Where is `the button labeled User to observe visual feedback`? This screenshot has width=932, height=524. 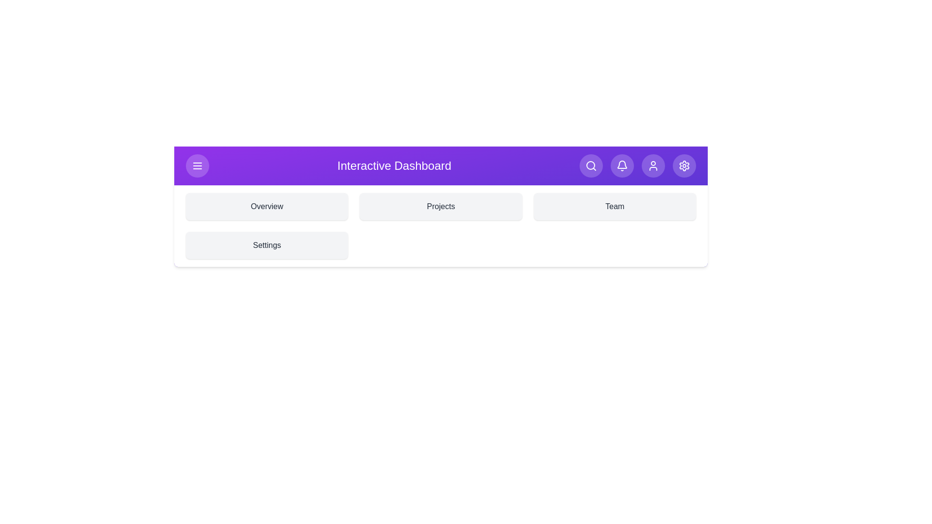 the button labeled User to observe visual feedback is located at coordinates (652, 165).